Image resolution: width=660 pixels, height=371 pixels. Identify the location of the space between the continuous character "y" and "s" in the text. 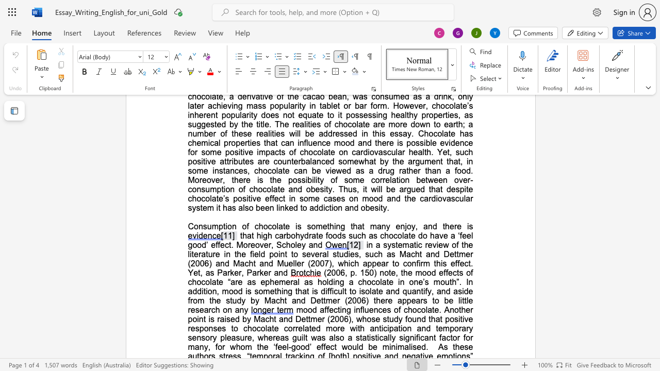
(391, 245).